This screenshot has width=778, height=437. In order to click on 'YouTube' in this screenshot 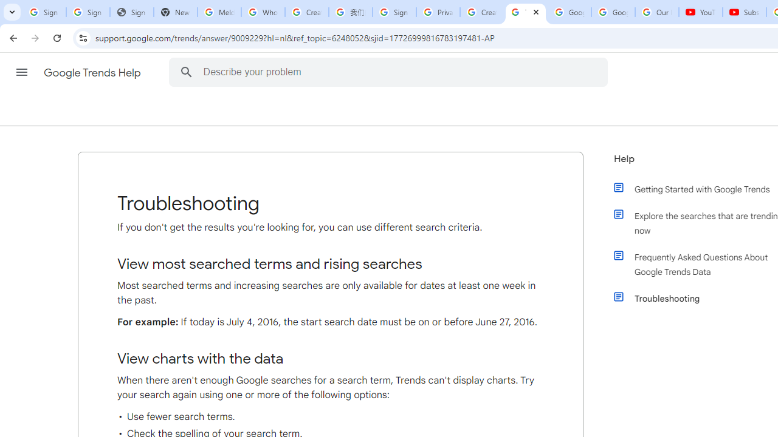, I will do `click(701, 12)`.